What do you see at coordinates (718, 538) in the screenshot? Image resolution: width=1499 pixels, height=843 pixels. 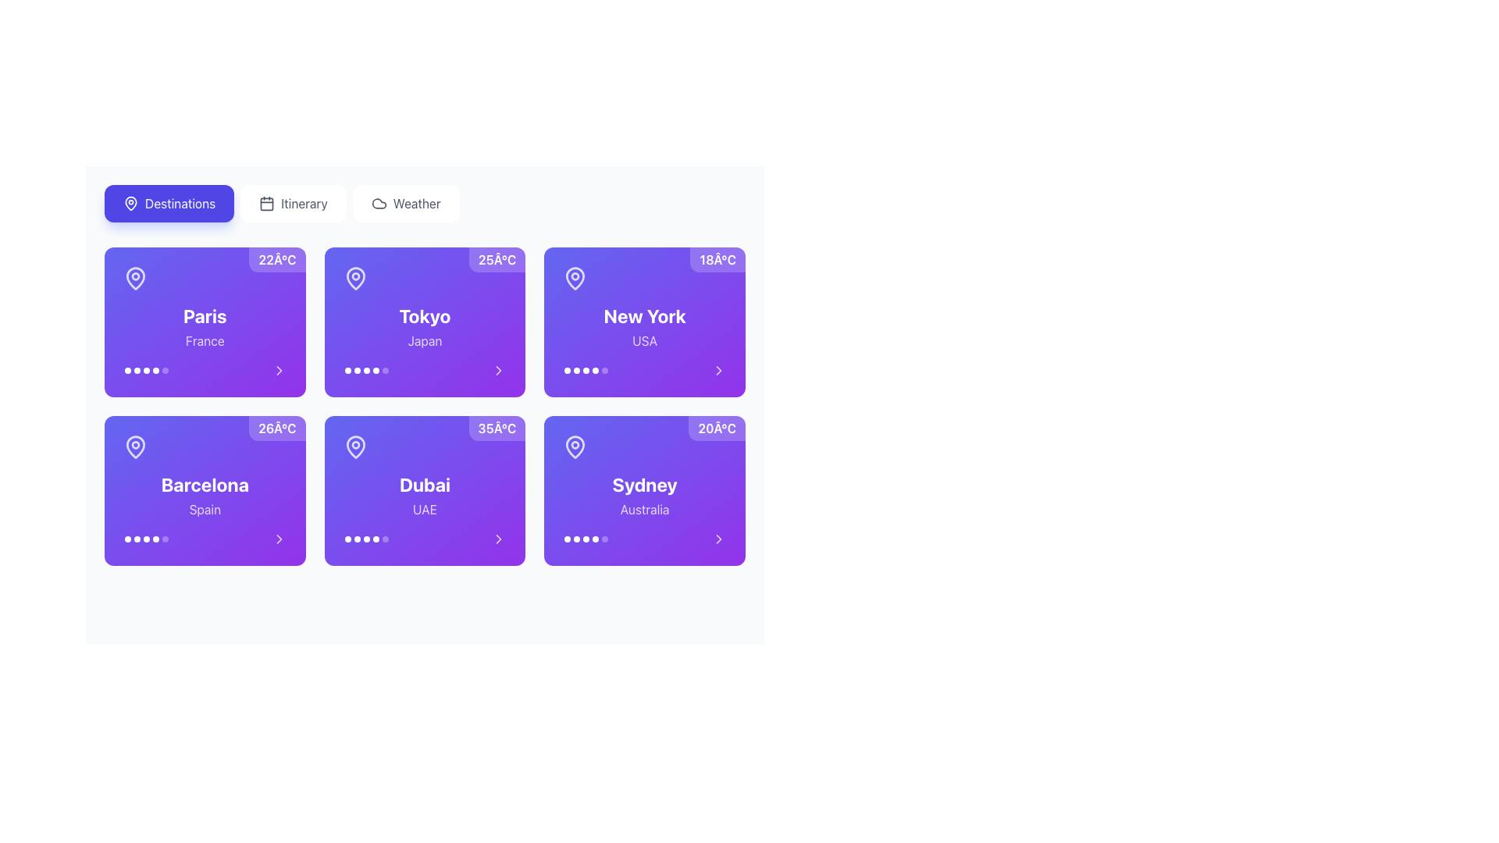 I see `the right-pointing chevron SVG icon located in the bottom right corner of the 'Sydney' card to proceed to the next section or details` at bounding box center [718, 538].